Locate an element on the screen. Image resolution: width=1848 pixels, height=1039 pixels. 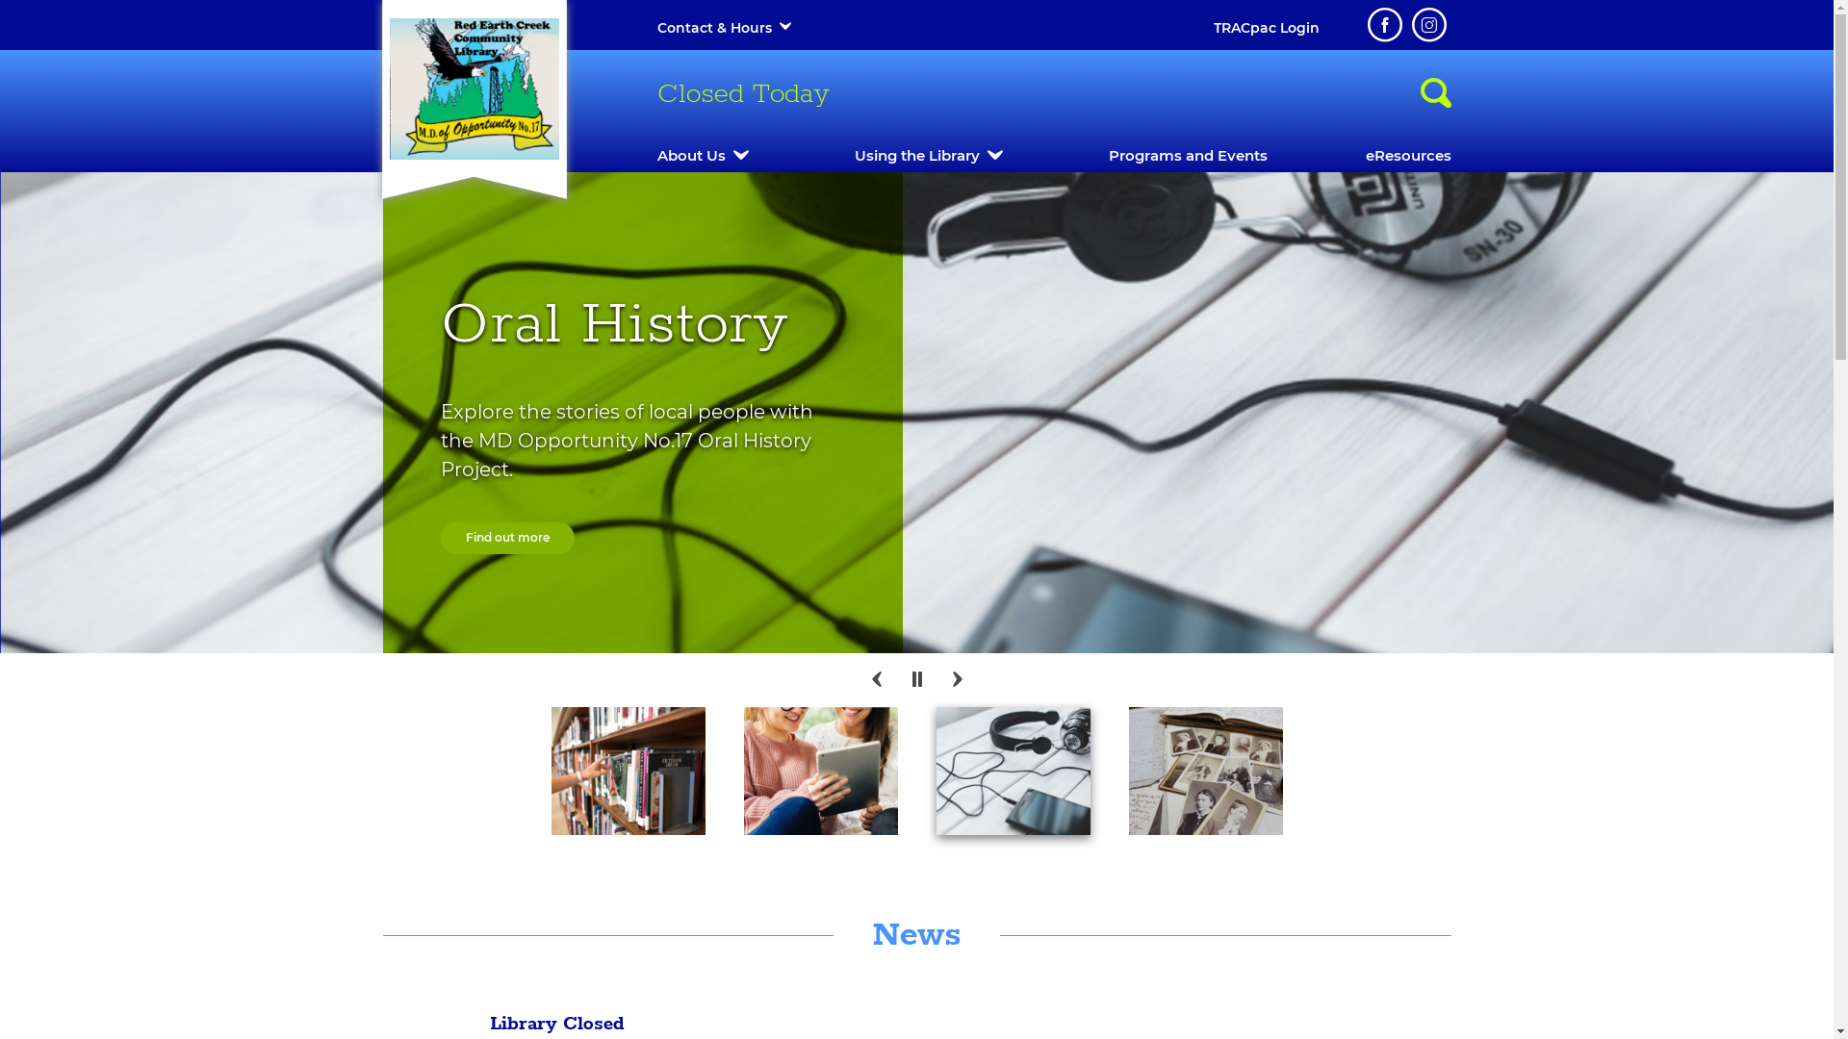
'Instagram' is located at coordinates (1427, 25).